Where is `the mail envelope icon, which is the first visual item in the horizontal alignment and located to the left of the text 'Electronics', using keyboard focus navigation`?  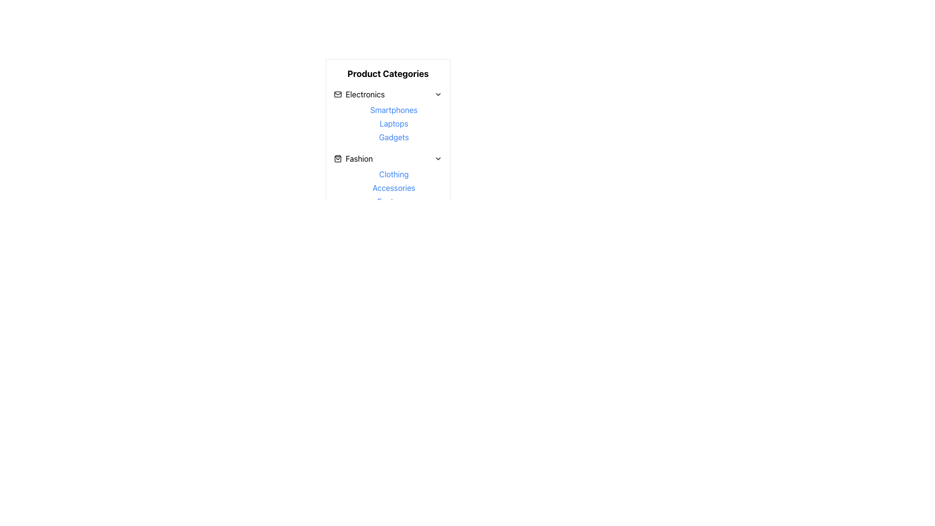 the mail envelope icon, which is the first visual item in the horizontal alignment and located to the left of the text 'Electronics', using keyboard focus navigation is located at coordinates (338, 94).